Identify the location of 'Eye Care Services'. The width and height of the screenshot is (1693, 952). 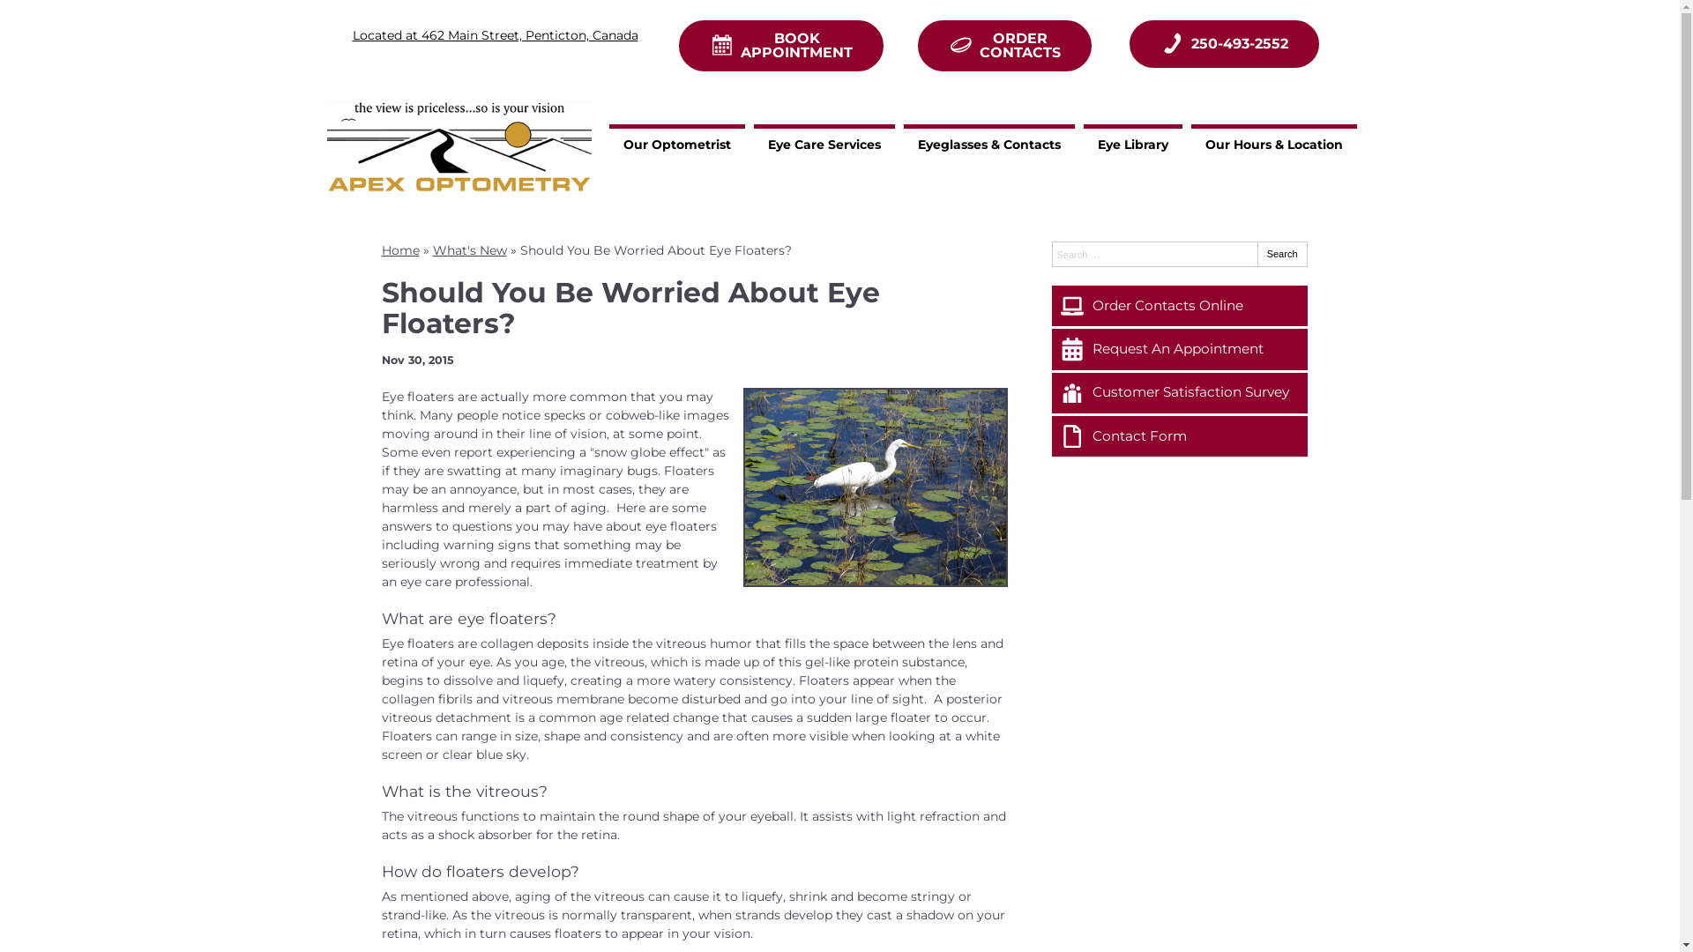
(824, 142).